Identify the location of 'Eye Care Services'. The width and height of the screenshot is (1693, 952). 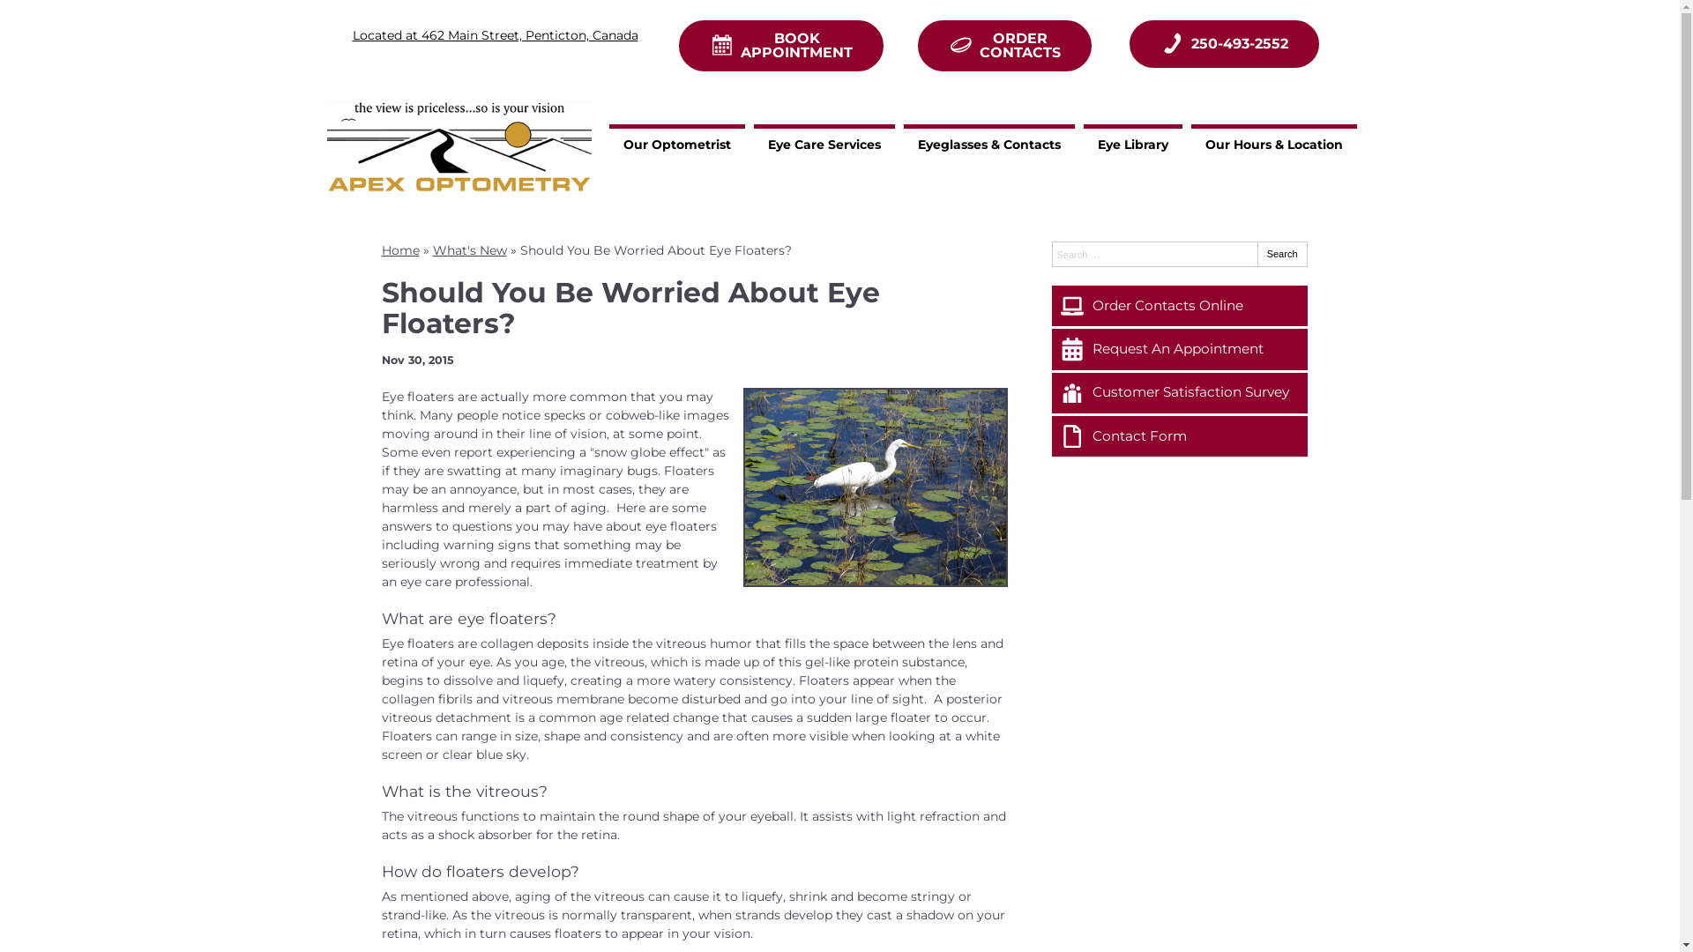
(824, 142).